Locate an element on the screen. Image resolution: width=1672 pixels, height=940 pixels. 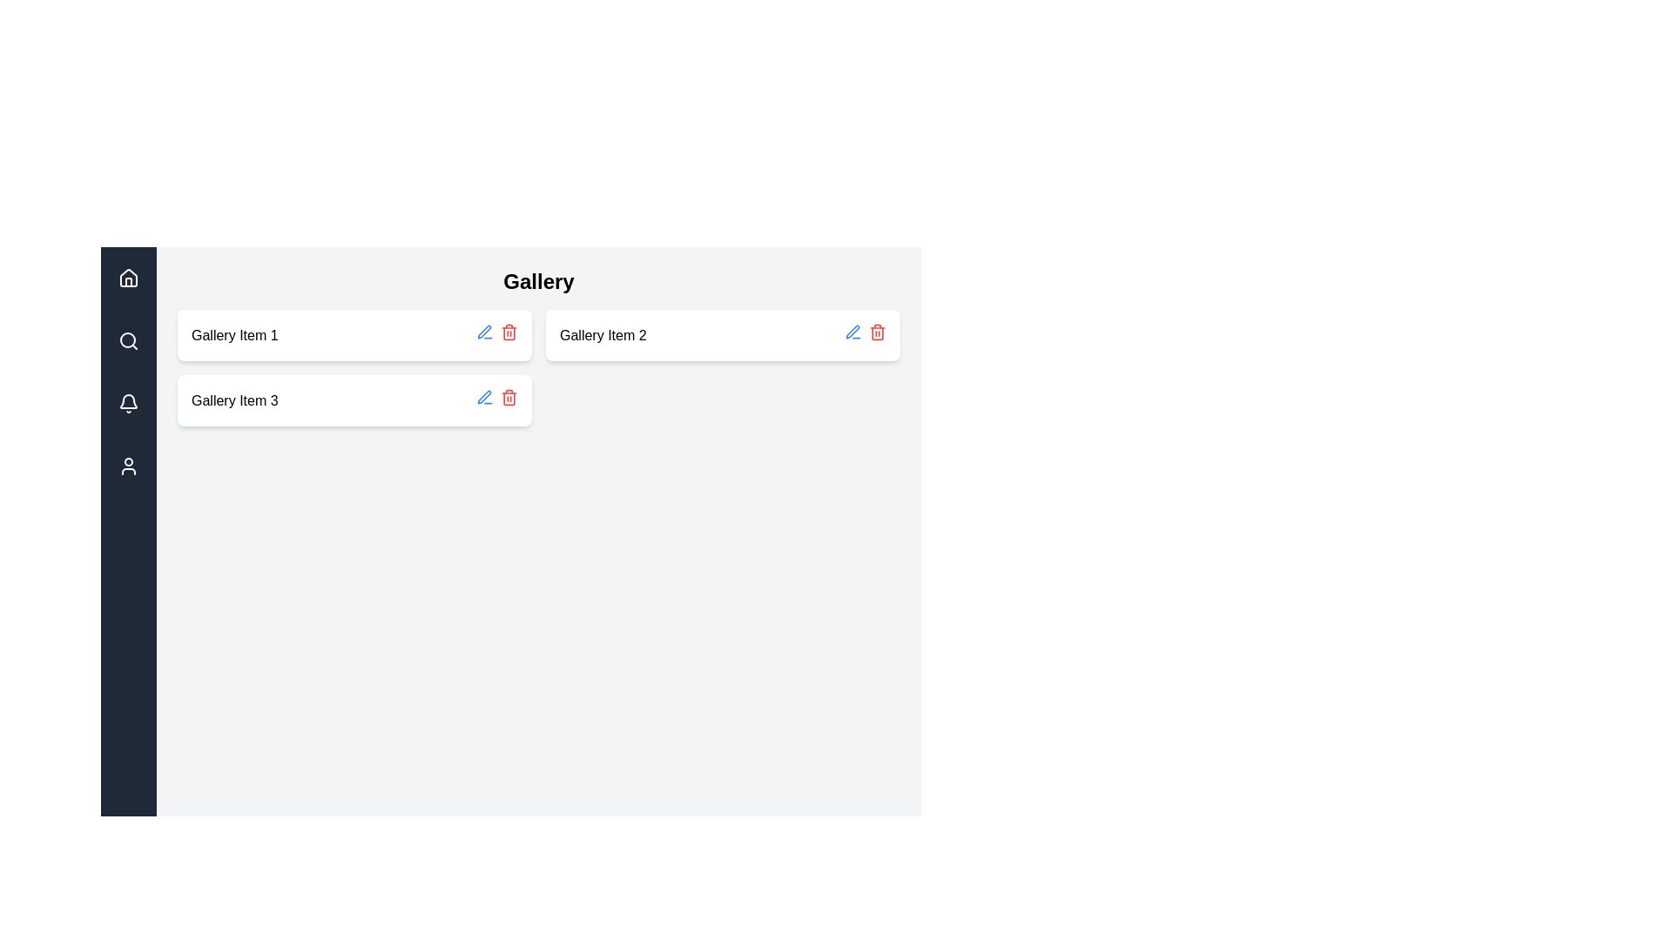
the bold, large 'Gallery' text displayed at the top of the content area, which is centered horizontally and styled in black on a light background is located at coordinates (538, 281).